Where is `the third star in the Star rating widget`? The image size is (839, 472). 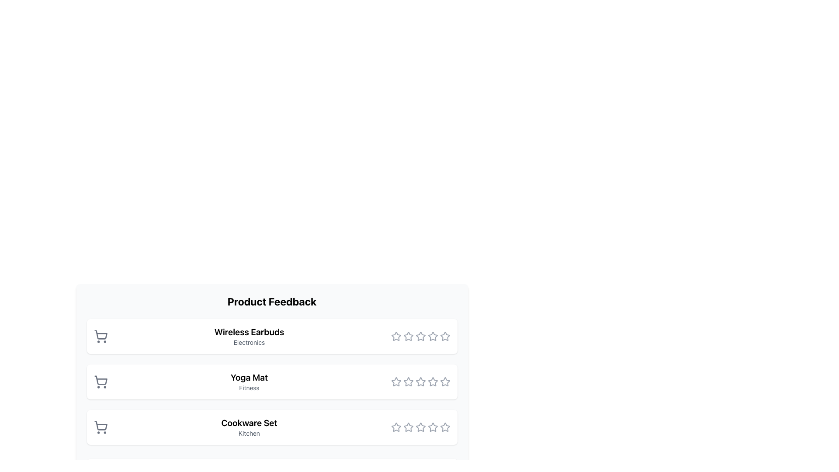
the third star in the Star rating widget is located at coordinates (408, 427).